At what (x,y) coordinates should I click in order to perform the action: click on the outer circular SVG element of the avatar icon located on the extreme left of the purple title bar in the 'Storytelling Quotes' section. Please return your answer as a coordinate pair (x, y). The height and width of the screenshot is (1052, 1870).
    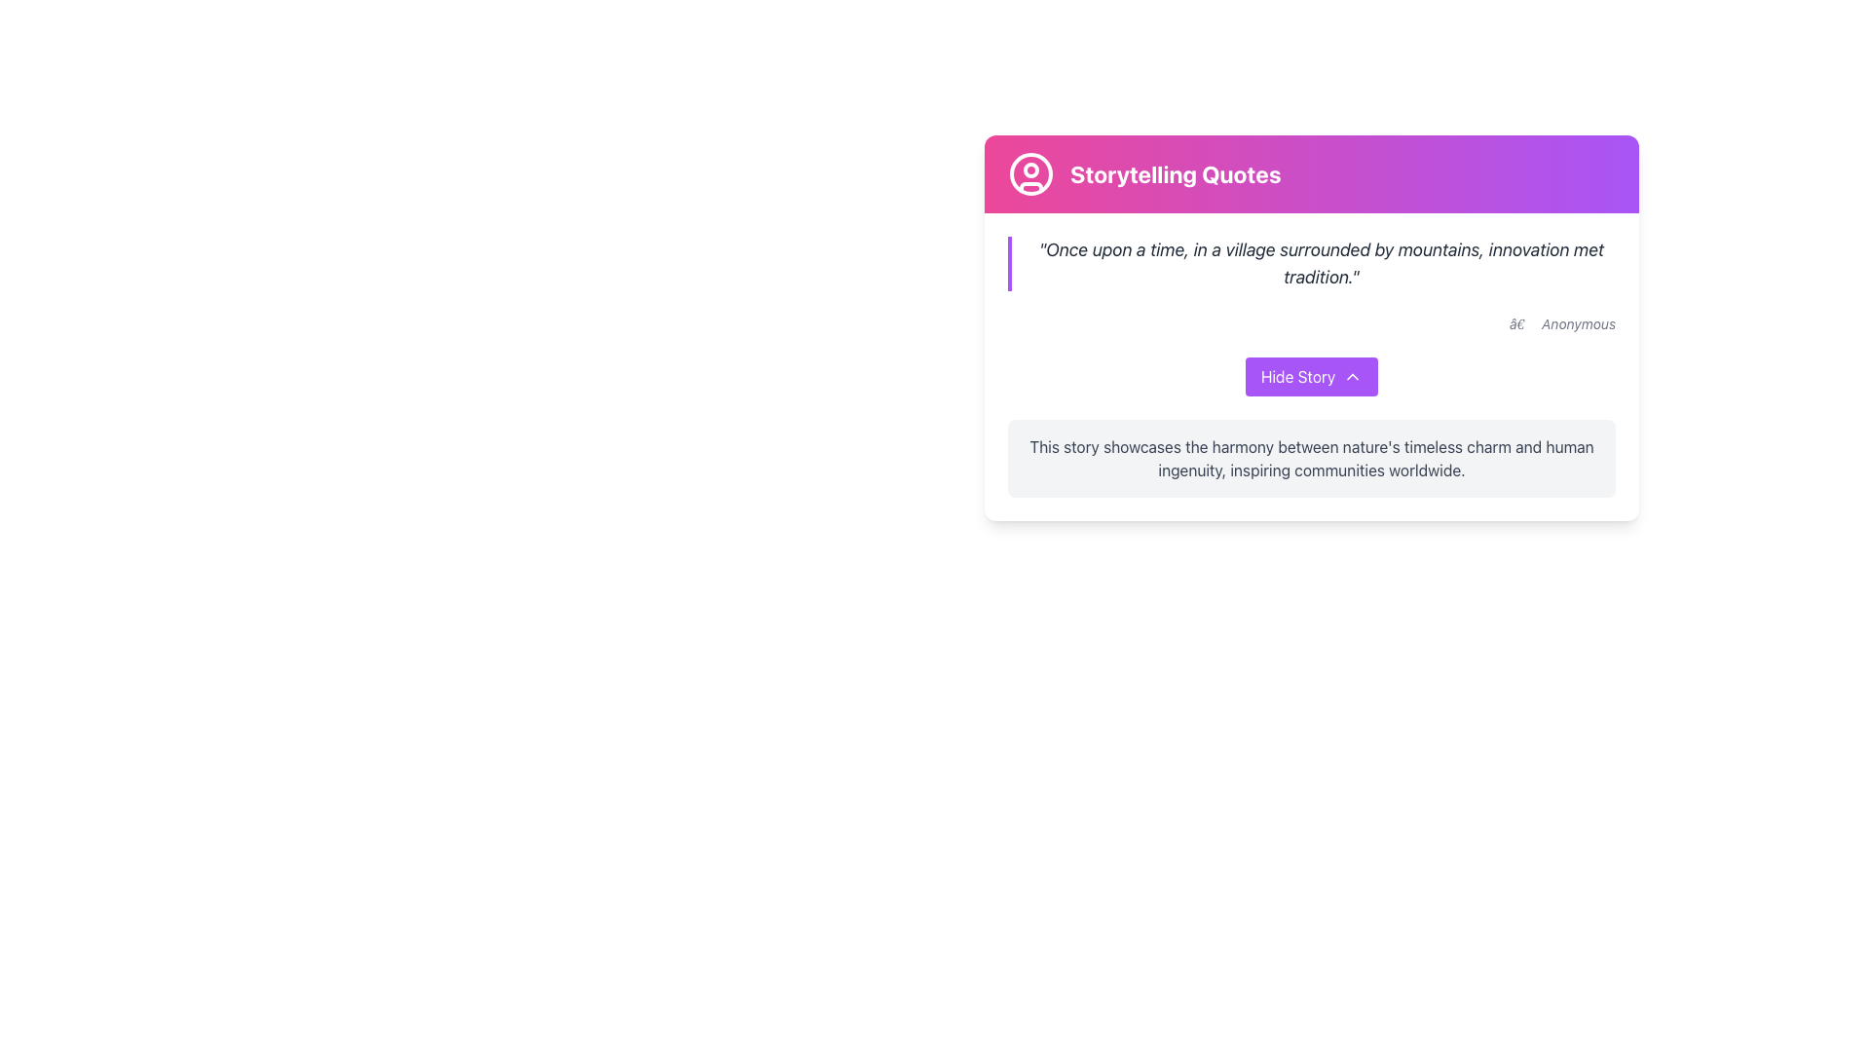
    Looking at the image, I should click on (1030, 172).